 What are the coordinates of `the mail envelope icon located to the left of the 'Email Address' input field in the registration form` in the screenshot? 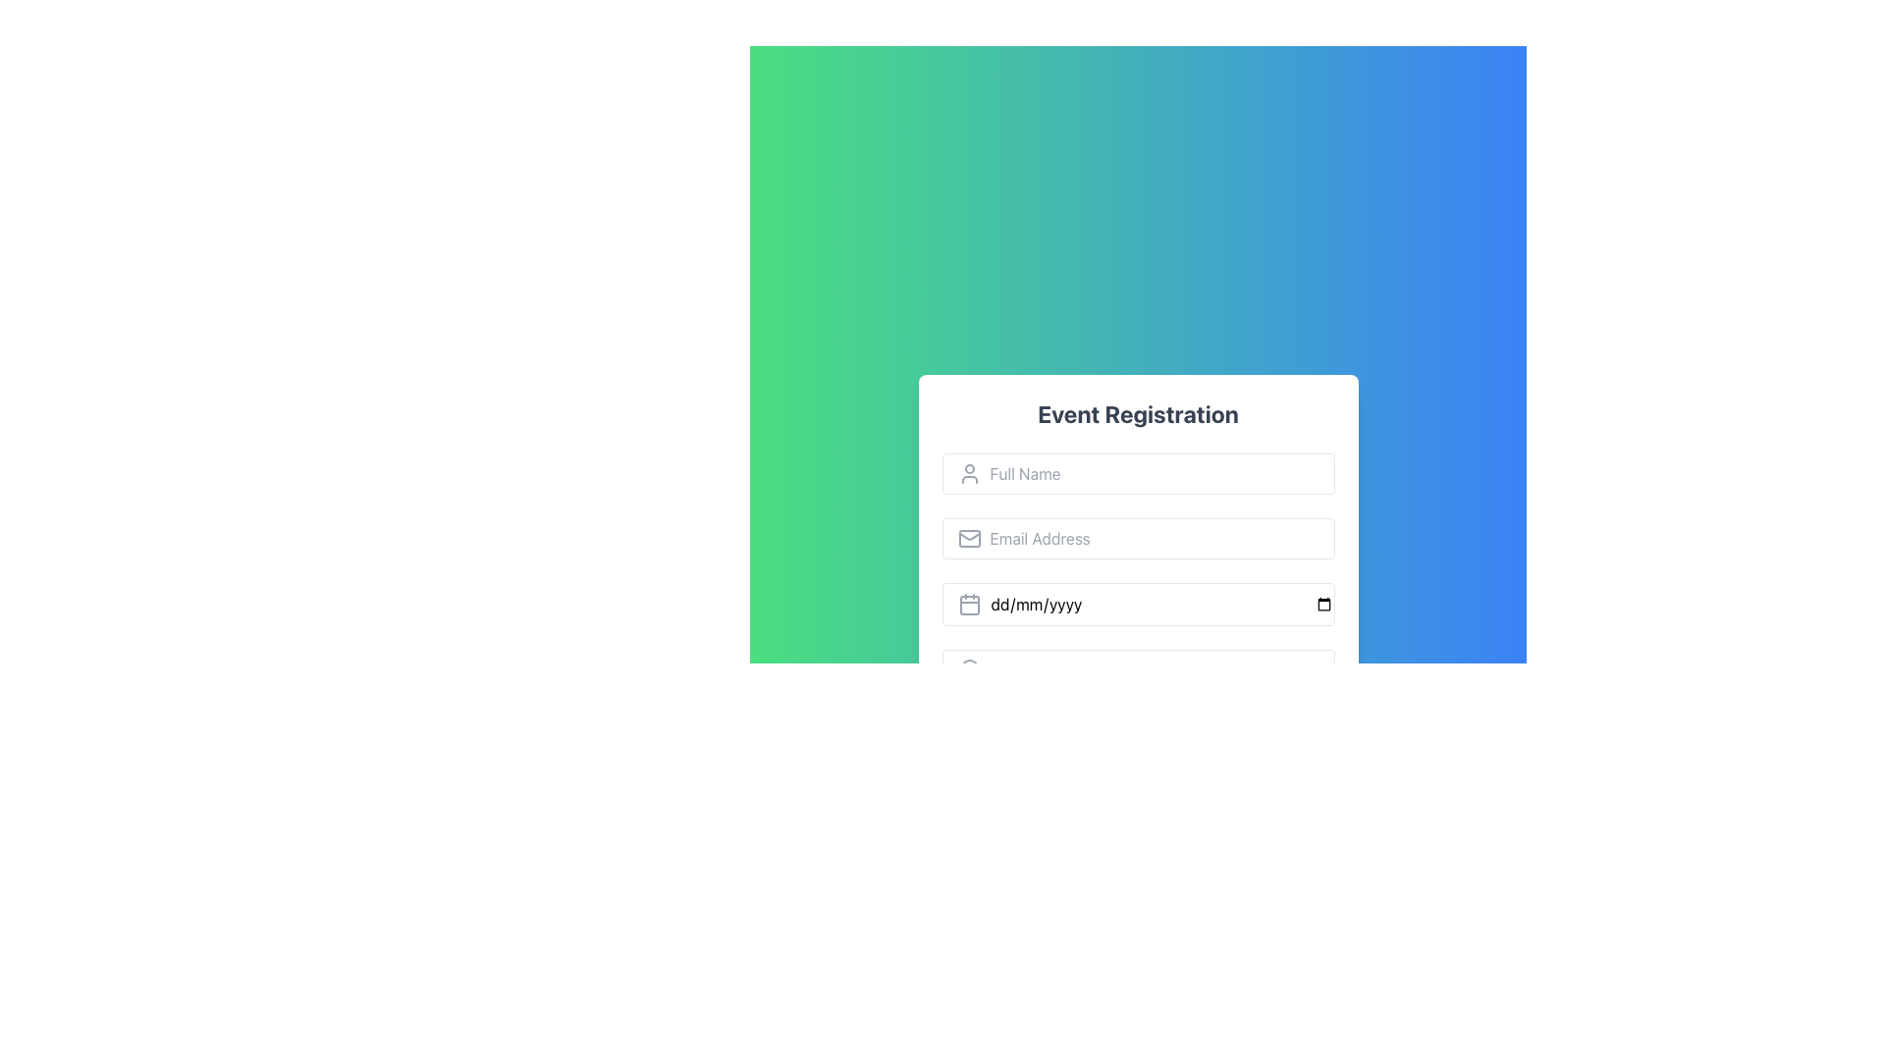 It's located at (969, 538).